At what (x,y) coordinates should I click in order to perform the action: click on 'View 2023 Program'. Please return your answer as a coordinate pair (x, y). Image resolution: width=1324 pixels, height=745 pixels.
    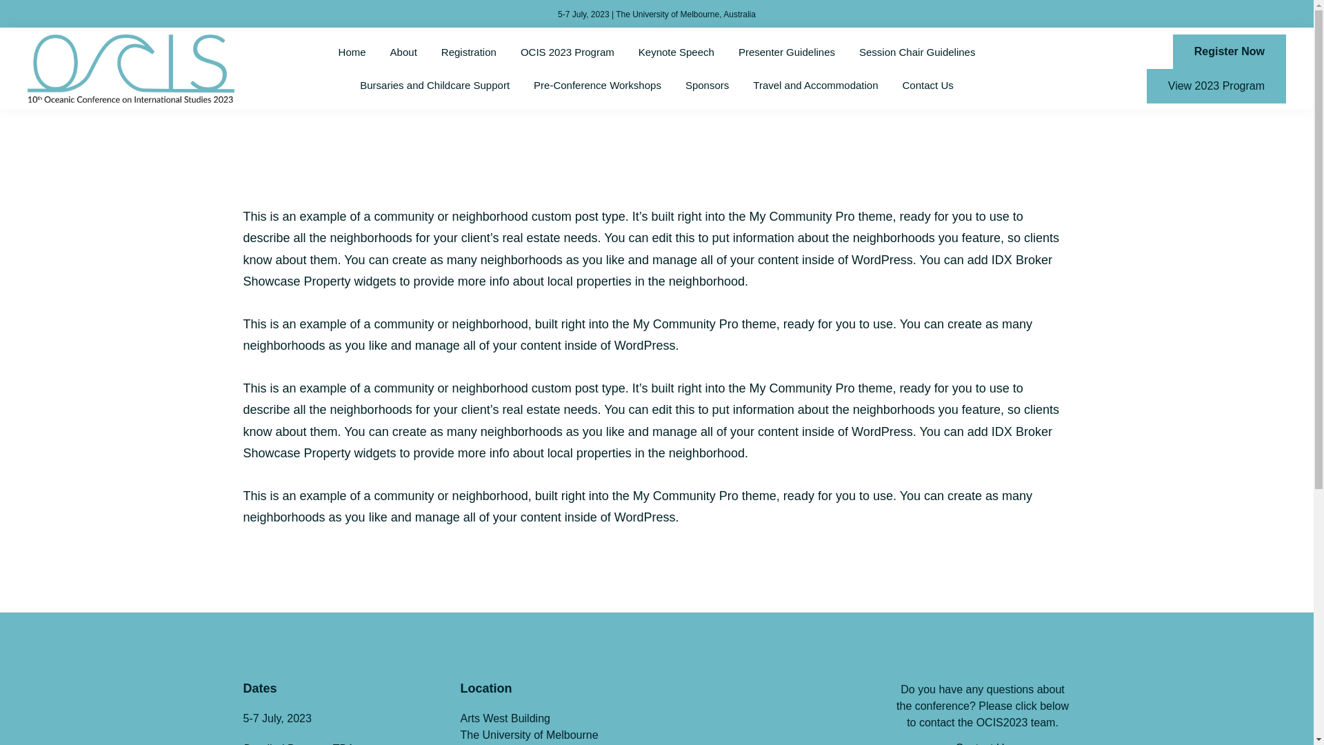
    Looking at the image, I should click on (1216, 86).